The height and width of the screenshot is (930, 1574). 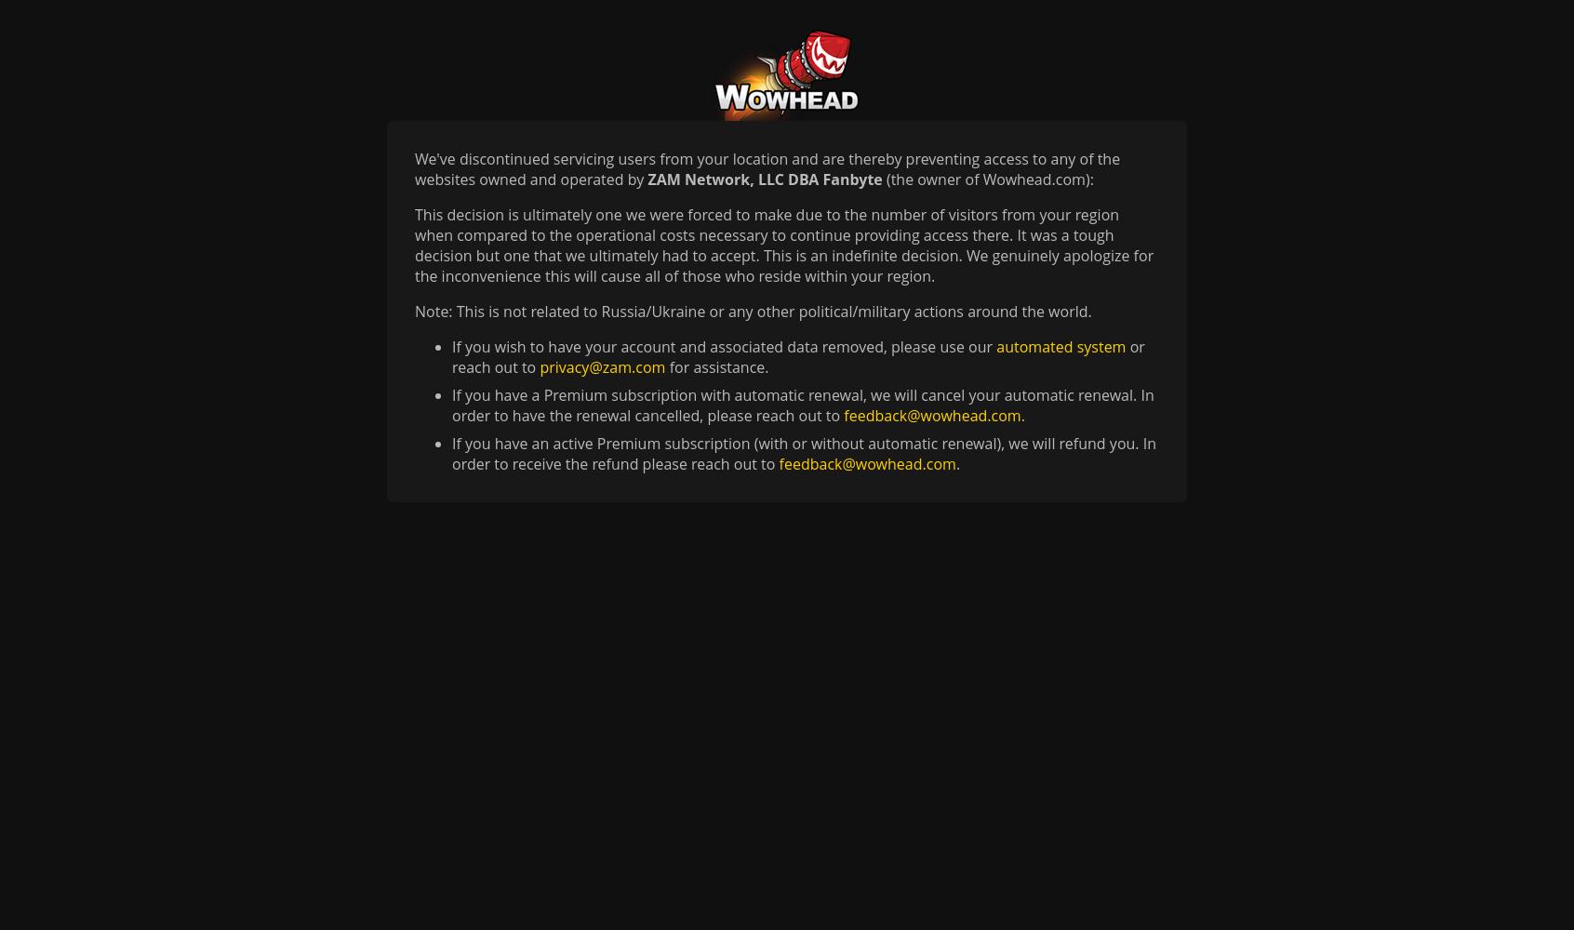 I want to click on 'automated system', so click(x=1060, y=346).